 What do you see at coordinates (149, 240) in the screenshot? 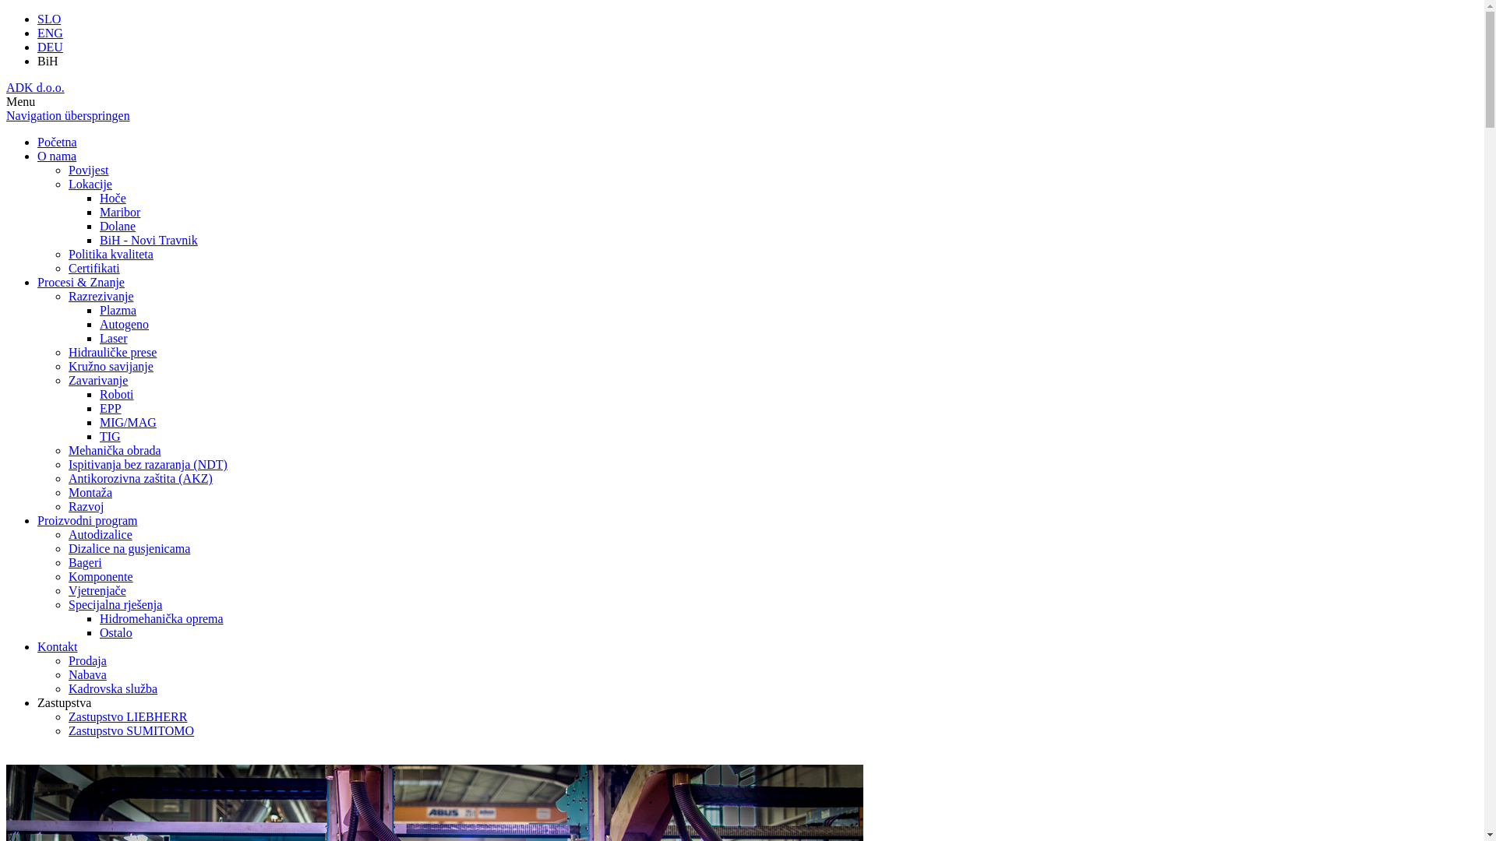
I see `'BiH - Novi Travnik'` at bounding box center [149, 240].